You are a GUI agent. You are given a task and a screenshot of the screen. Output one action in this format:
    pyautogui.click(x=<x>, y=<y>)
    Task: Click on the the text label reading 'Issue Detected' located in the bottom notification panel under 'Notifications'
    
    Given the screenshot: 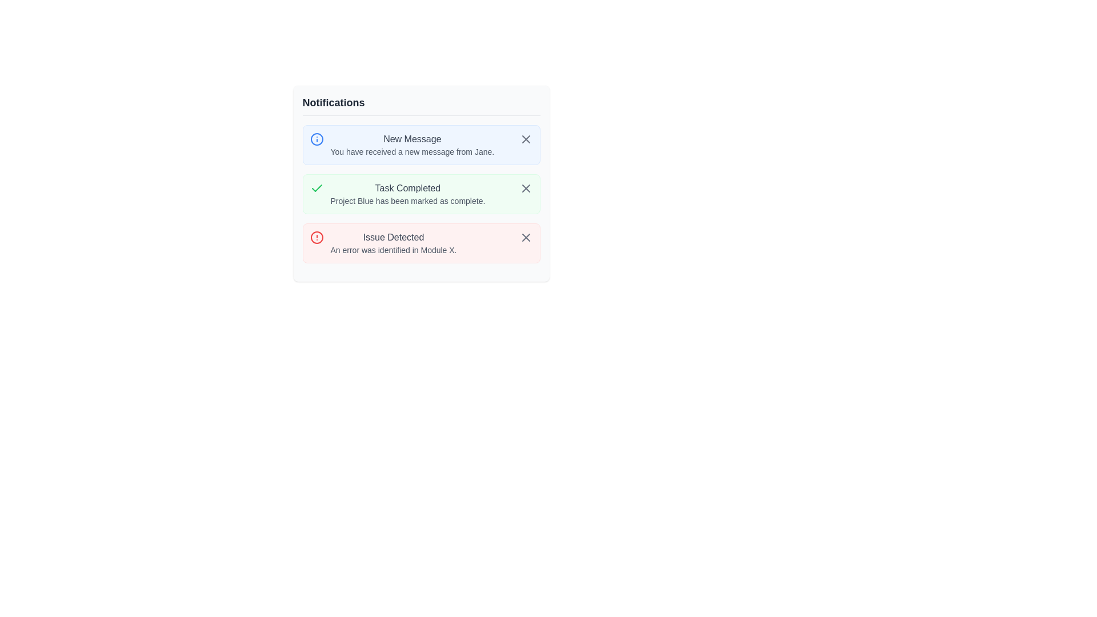 What is the action you would take?
    pyautogui.click(x=394, y=237)
    